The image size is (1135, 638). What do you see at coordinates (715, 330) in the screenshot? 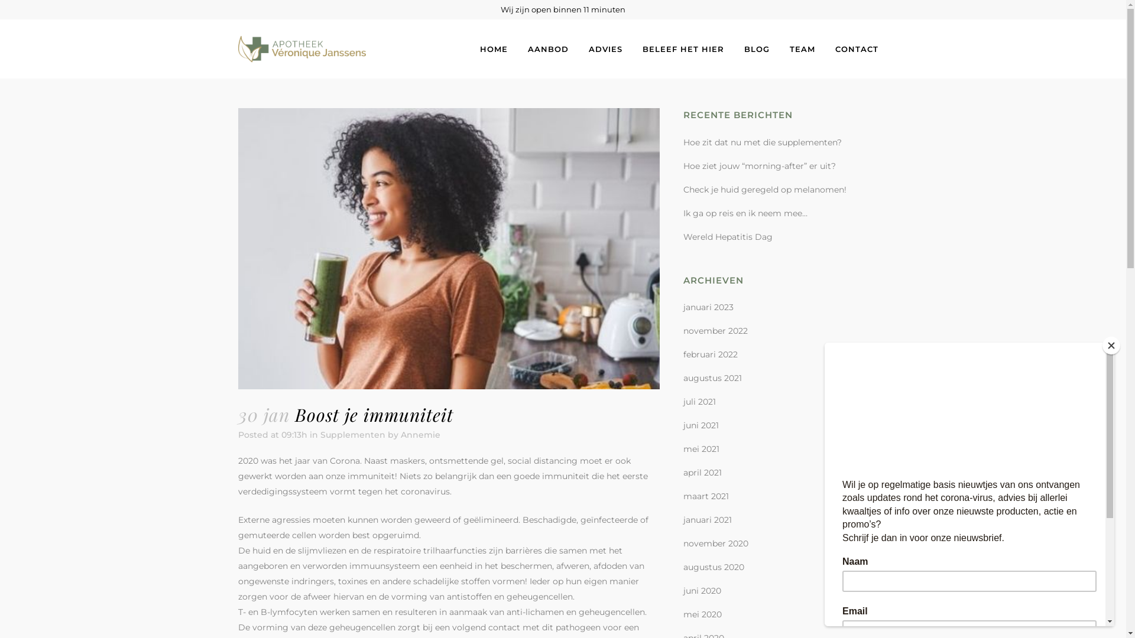
I see `'november 2022'` at bounding box center [715, 330].